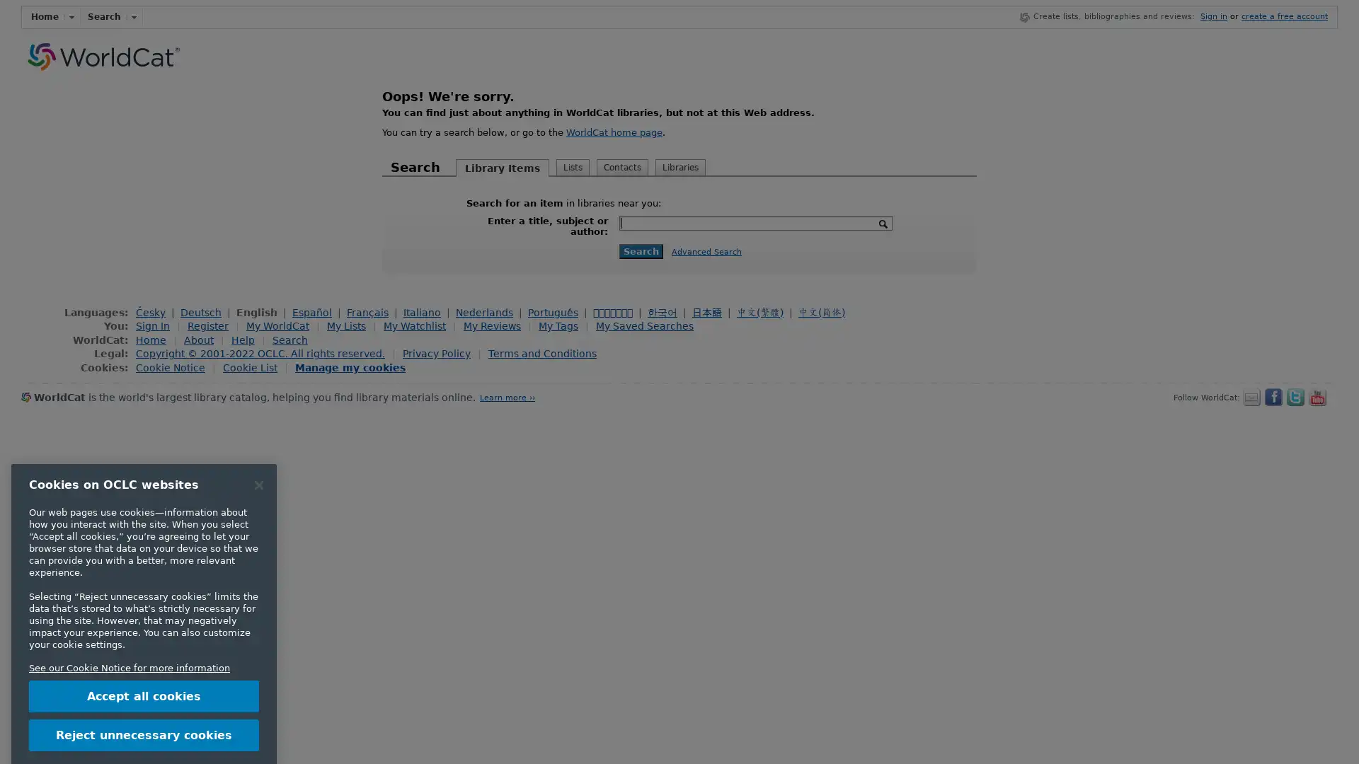 The height and width of the screenshot is (764, 1359). I want to click on Search, so click(641, 250).